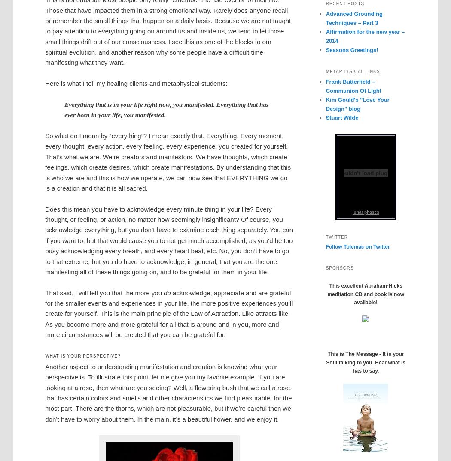  I want to click on 'Metaphysical links', so click(325, 71).